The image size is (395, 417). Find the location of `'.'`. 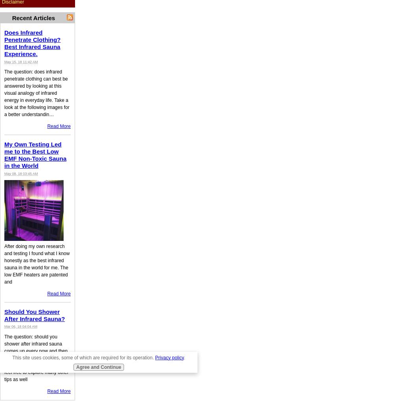

'.' is located at coordinates (184, 357).